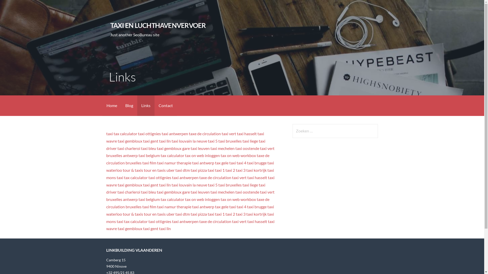 The image size is (488, 274). I want to click on 'uber taxi', so click(174, 170).